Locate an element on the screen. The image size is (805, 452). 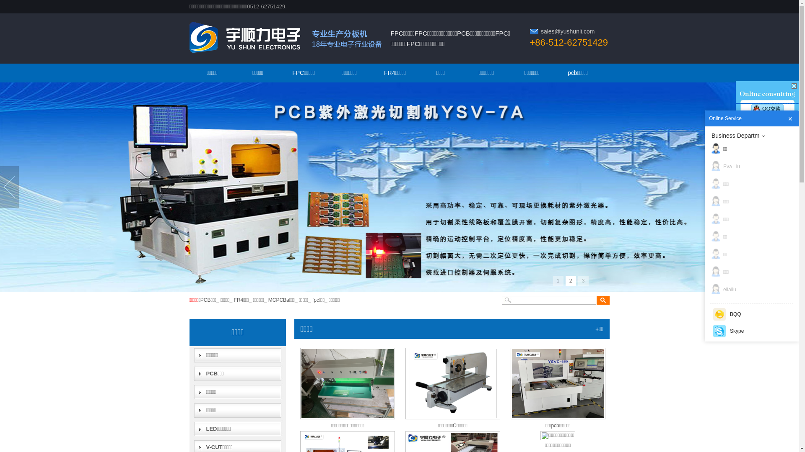
'BQQ' is located at coordinates (752, 314).